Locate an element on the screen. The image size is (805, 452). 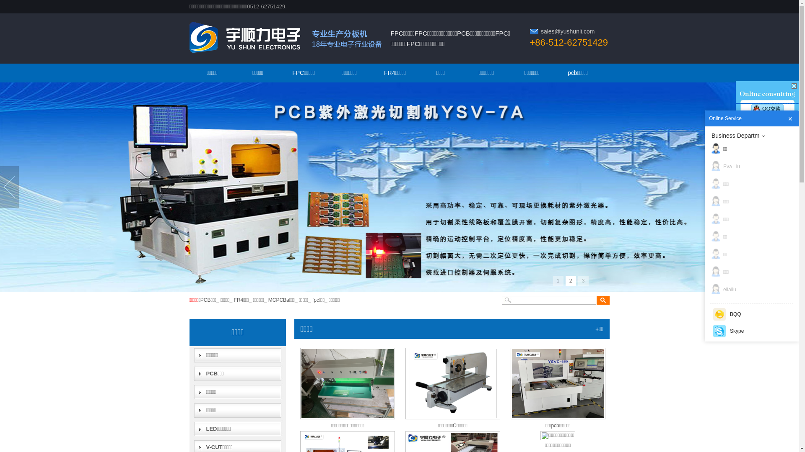
'BQQ' is located at coordinates (752, 314).